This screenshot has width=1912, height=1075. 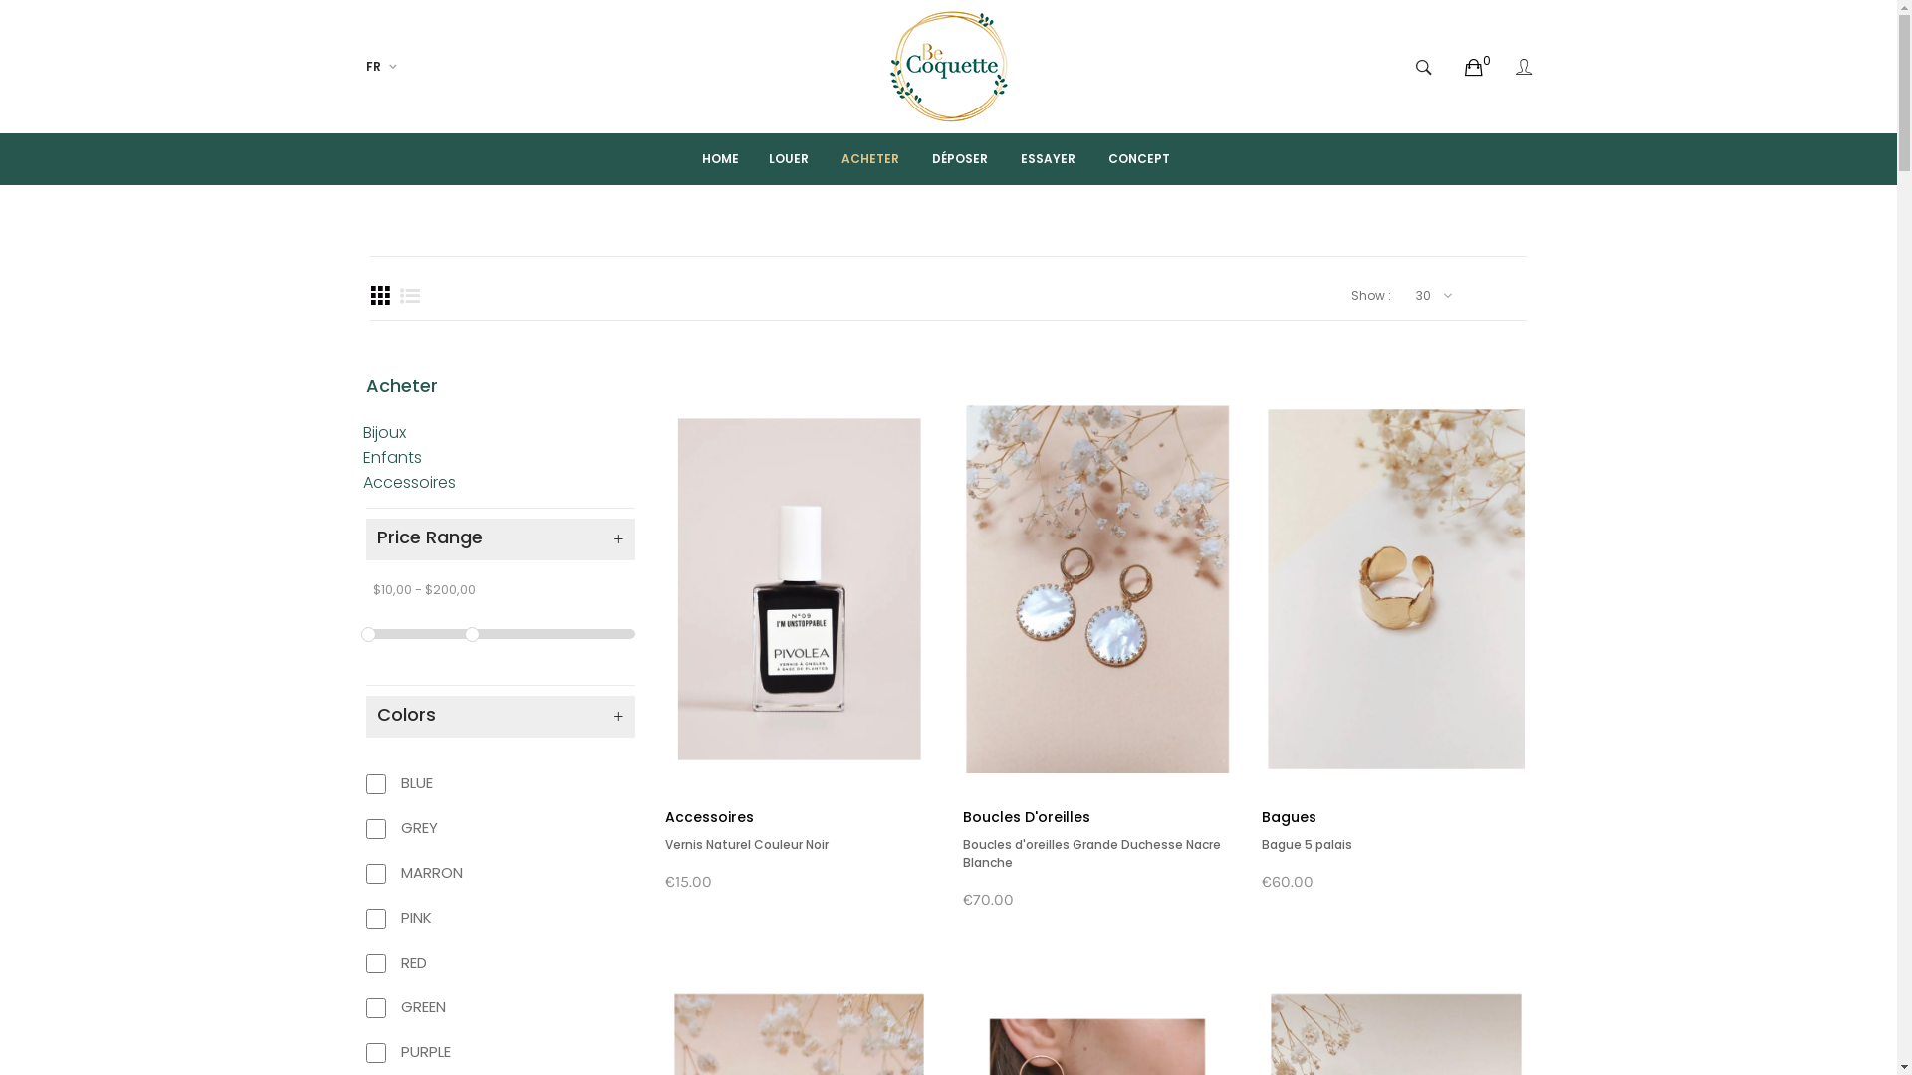 What do you see at coordinates (380, 296) in the screenshot?
I see `'Grid'` at bounding box center [380, 296].